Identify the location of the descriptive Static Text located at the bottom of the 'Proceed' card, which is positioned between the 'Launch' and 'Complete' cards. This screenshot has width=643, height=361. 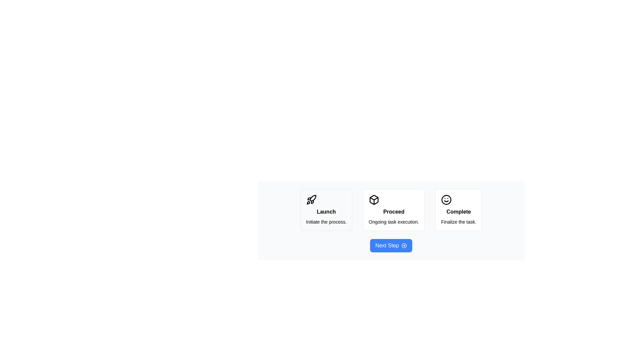
(394, 222).